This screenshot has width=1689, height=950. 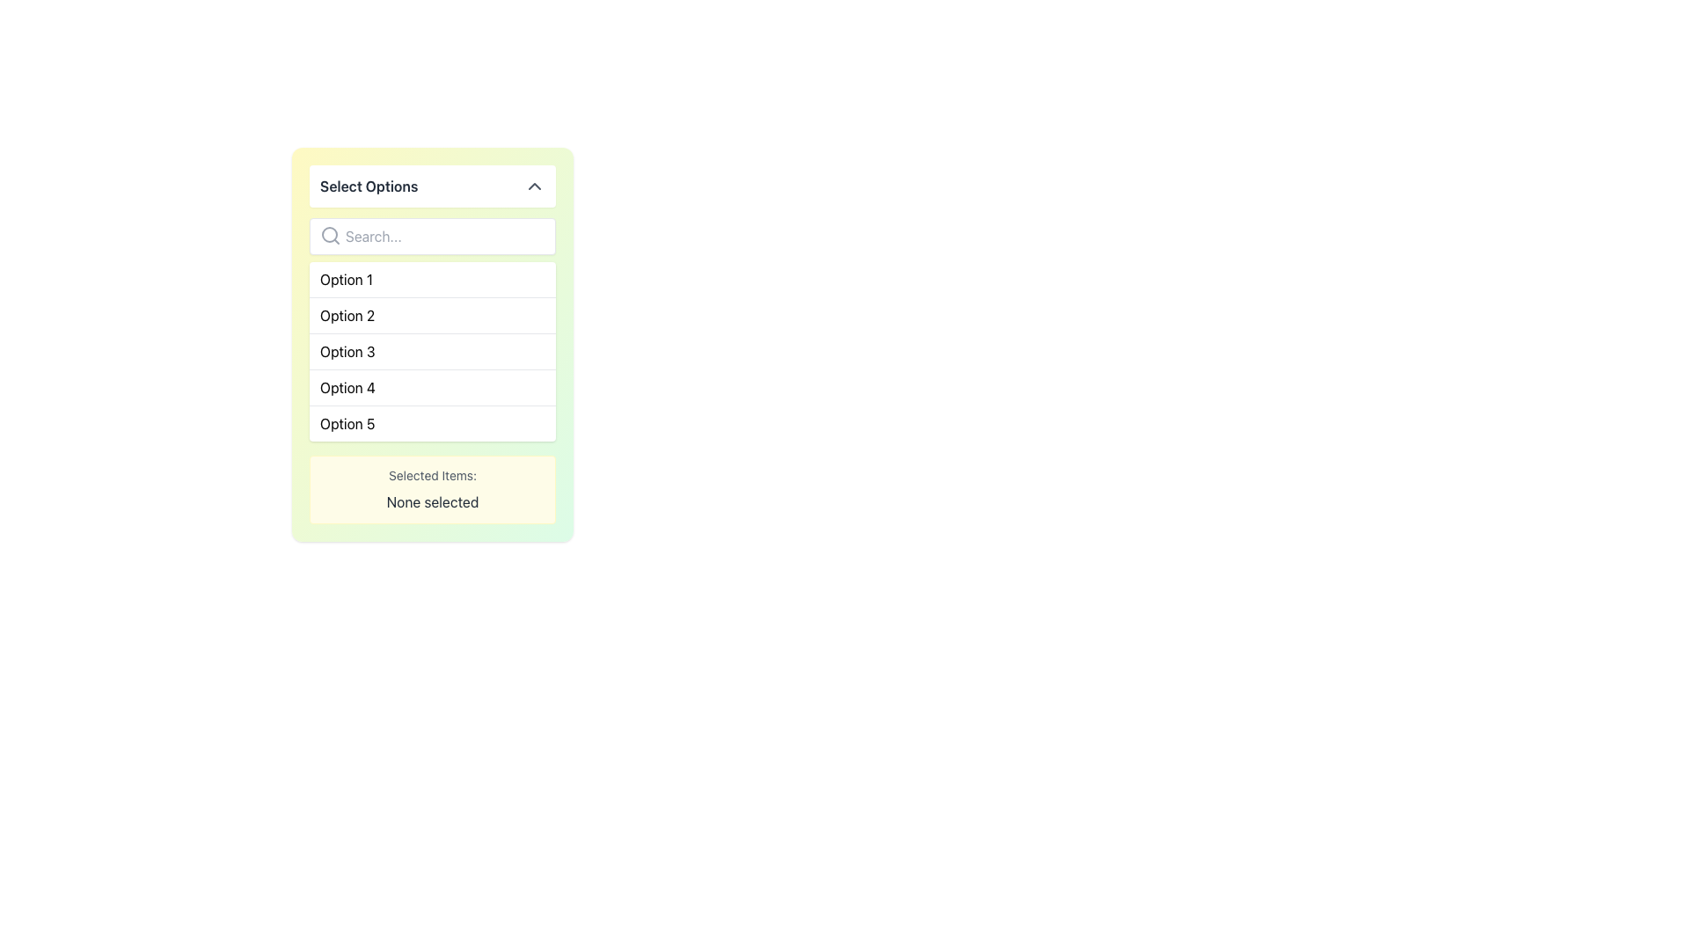 I want to click on the second option in the dropdown menu, so click(x=432, y=314).